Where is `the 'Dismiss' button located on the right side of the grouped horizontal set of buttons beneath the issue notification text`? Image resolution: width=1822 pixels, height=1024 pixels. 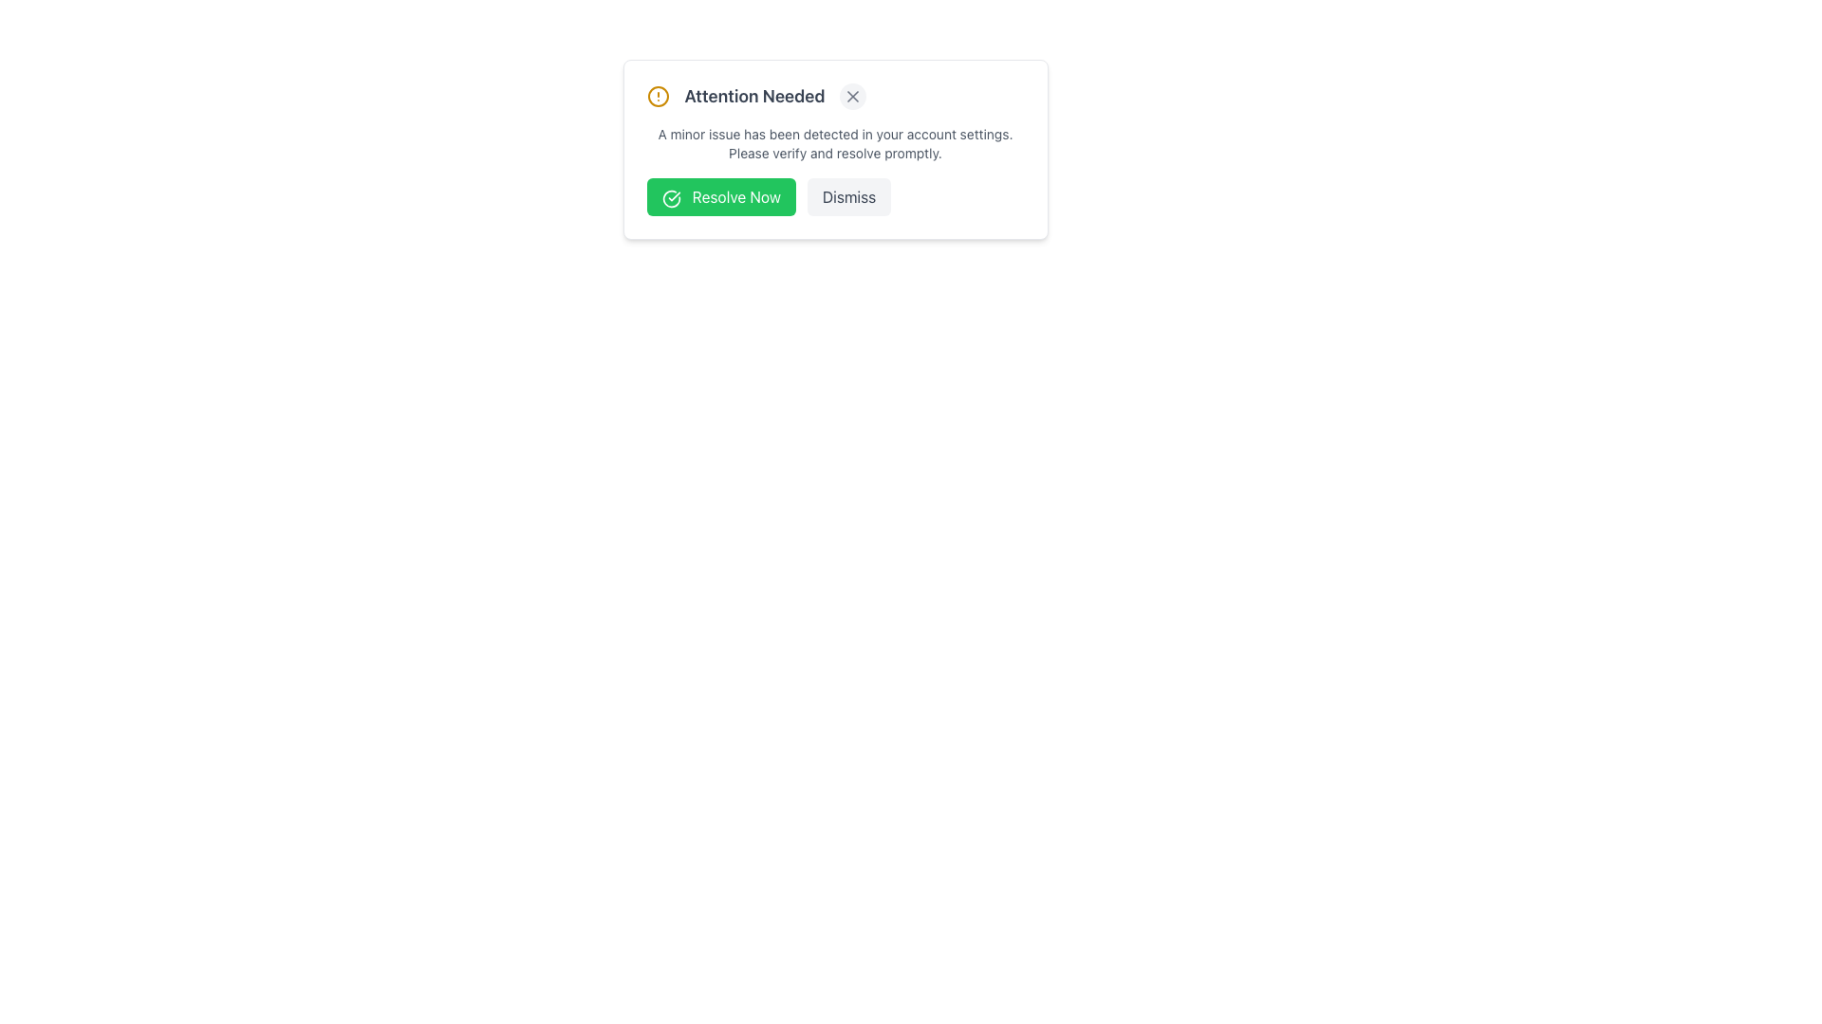
the 'Dismiss' button located on the right side of the grouped horizontal set of buttons beneath the issue notification text is located at coordinates (835, 197).